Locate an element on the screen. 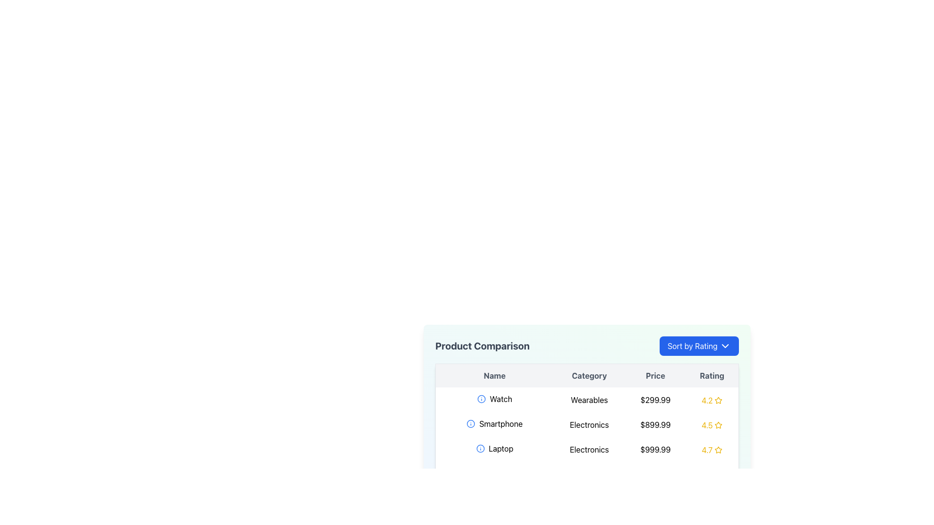  the golden-yellow star icon representing the rating for the 'Electronics' product (Smartphone) located is located at coordinates (718, 424).